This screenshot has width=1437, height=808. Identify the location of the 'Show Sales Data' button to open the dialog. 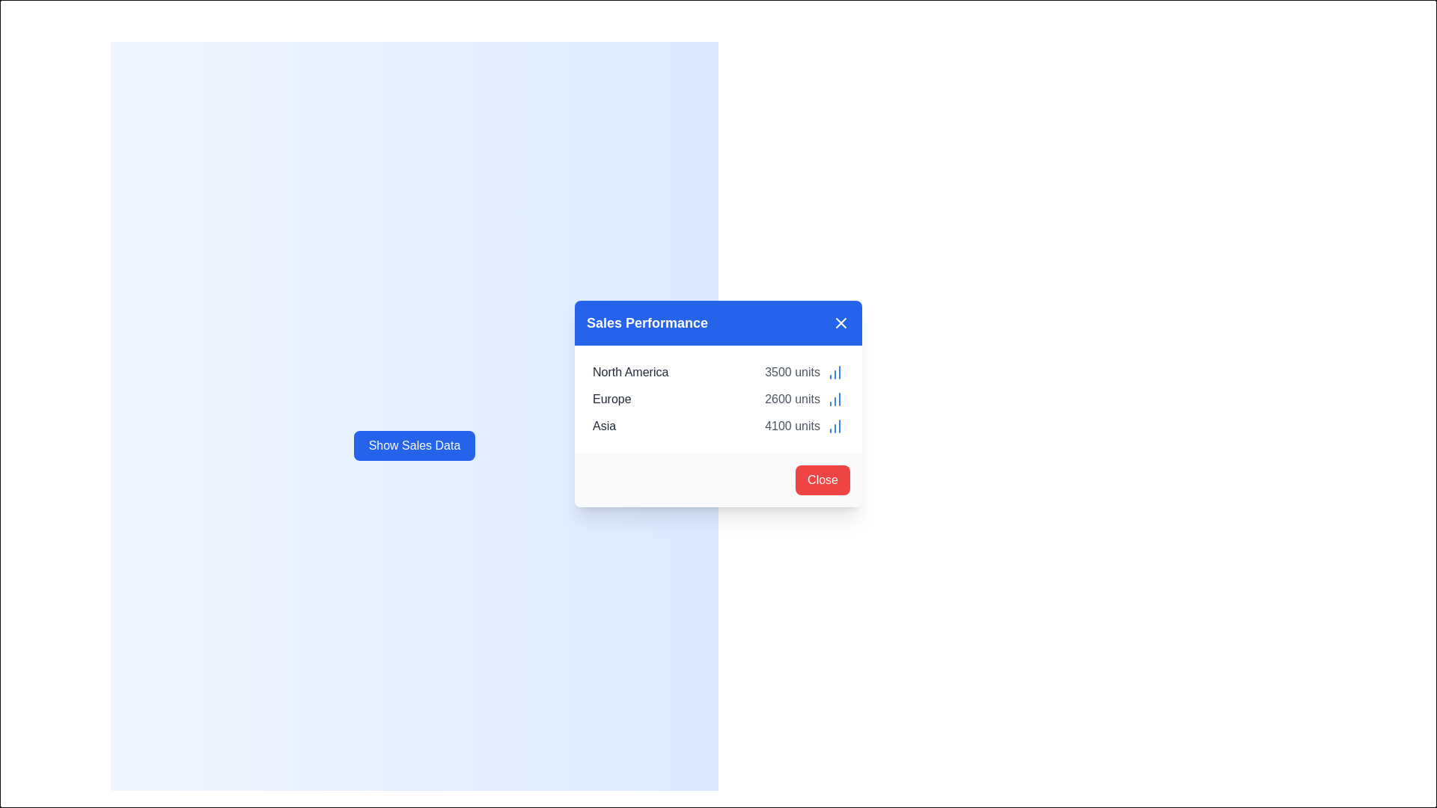
(414, 445).